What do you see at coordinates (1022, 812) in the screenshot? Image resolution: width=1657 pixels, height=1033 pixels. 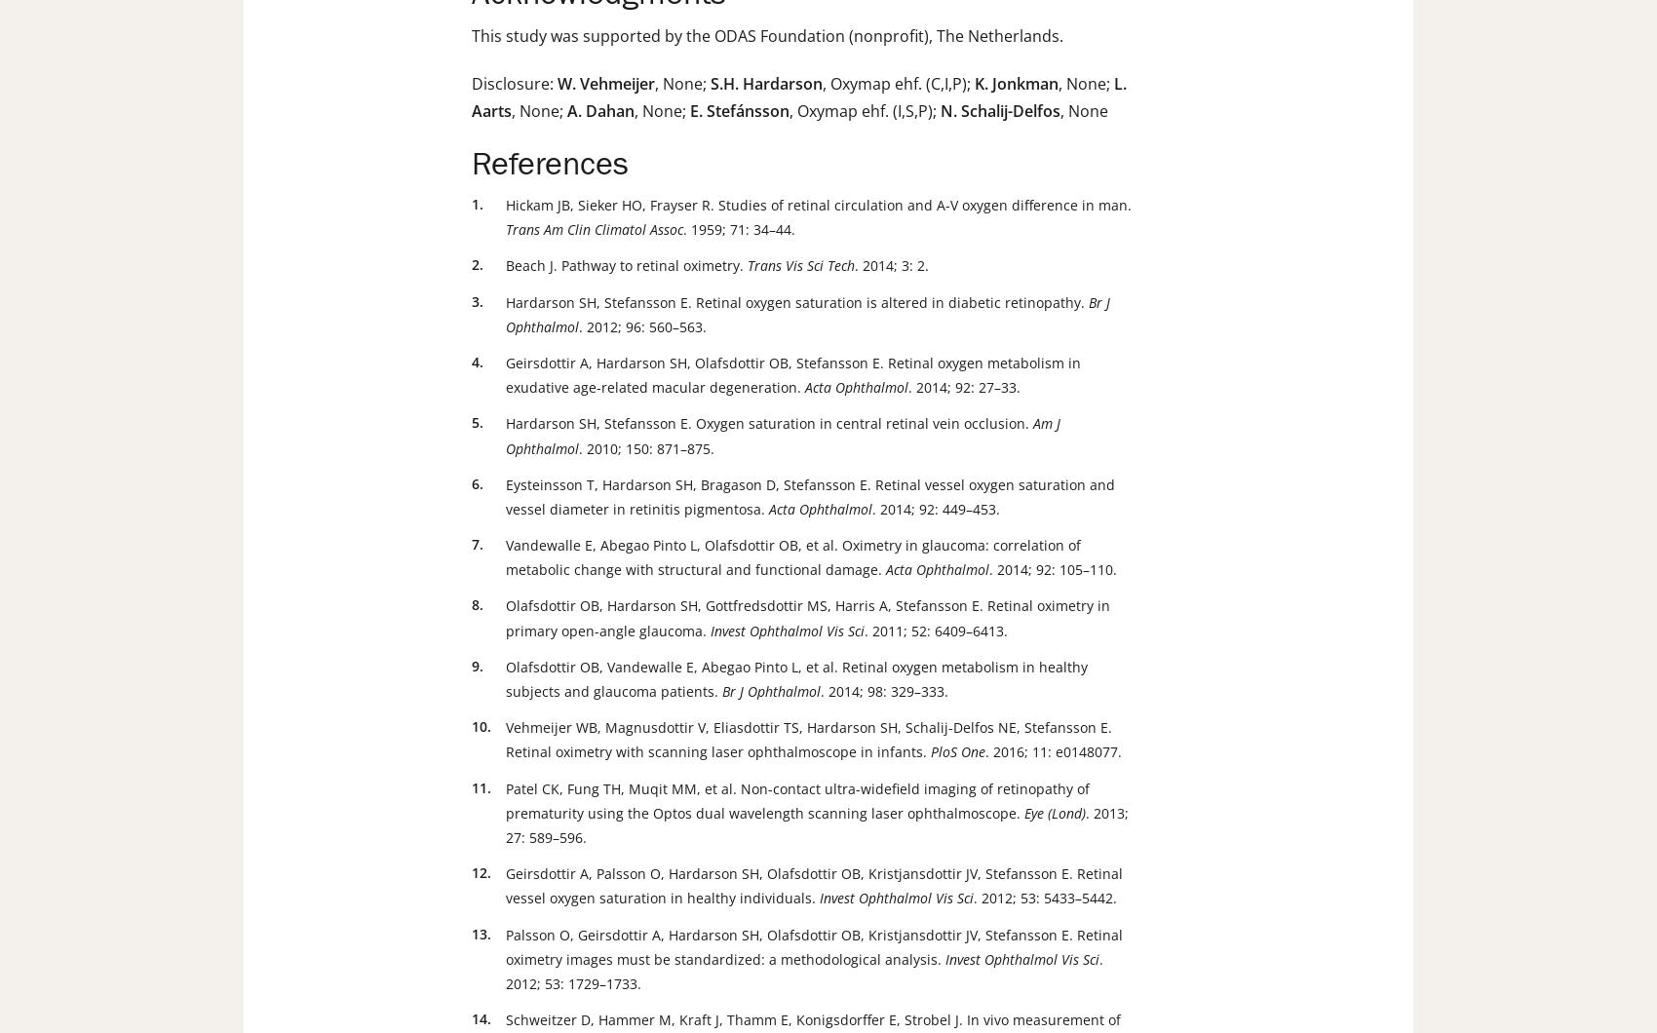 I see `'Eye (Lond)'` at bounding box center [1022, 812].